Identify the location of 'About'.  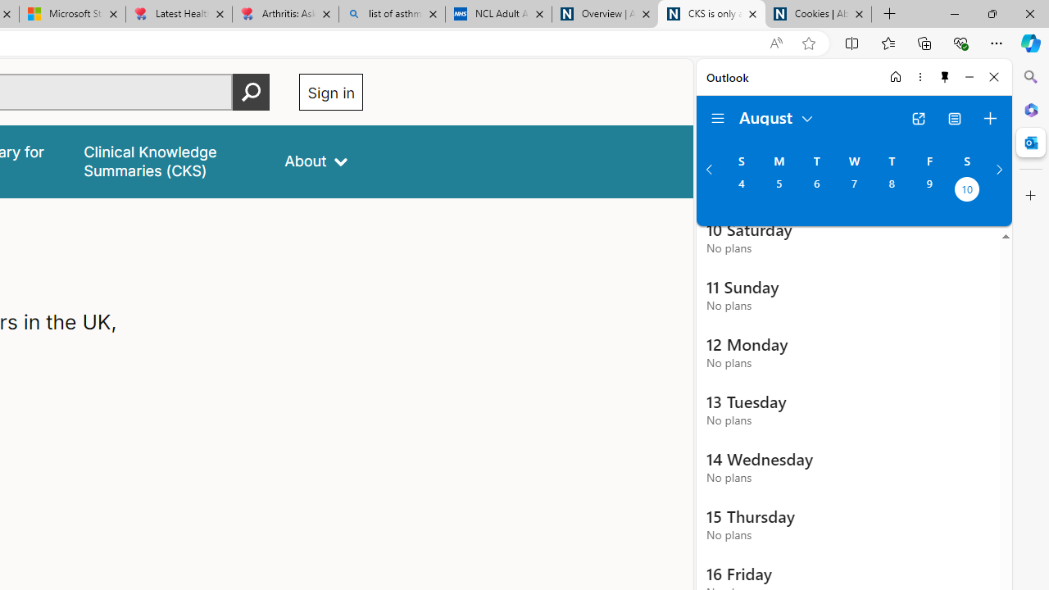
(316, 161).